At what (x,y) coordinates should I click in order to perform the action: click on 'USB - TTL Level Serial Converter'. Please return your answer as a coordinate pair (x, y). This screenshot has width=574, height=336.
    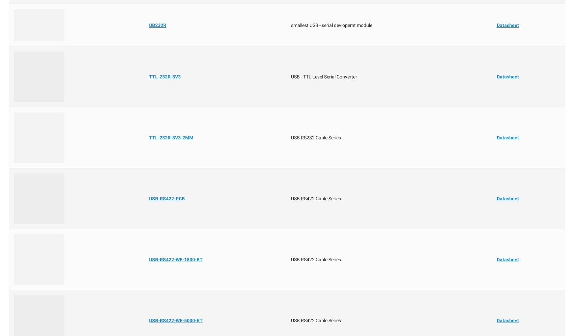
    Looking at the image, I should click on (323, 77).